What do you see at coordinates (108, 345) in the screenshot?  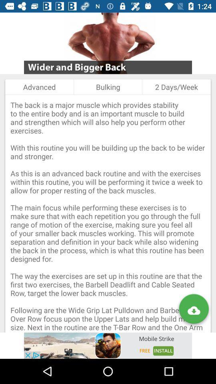 I see `cookies` at bounding box center [108, 345].